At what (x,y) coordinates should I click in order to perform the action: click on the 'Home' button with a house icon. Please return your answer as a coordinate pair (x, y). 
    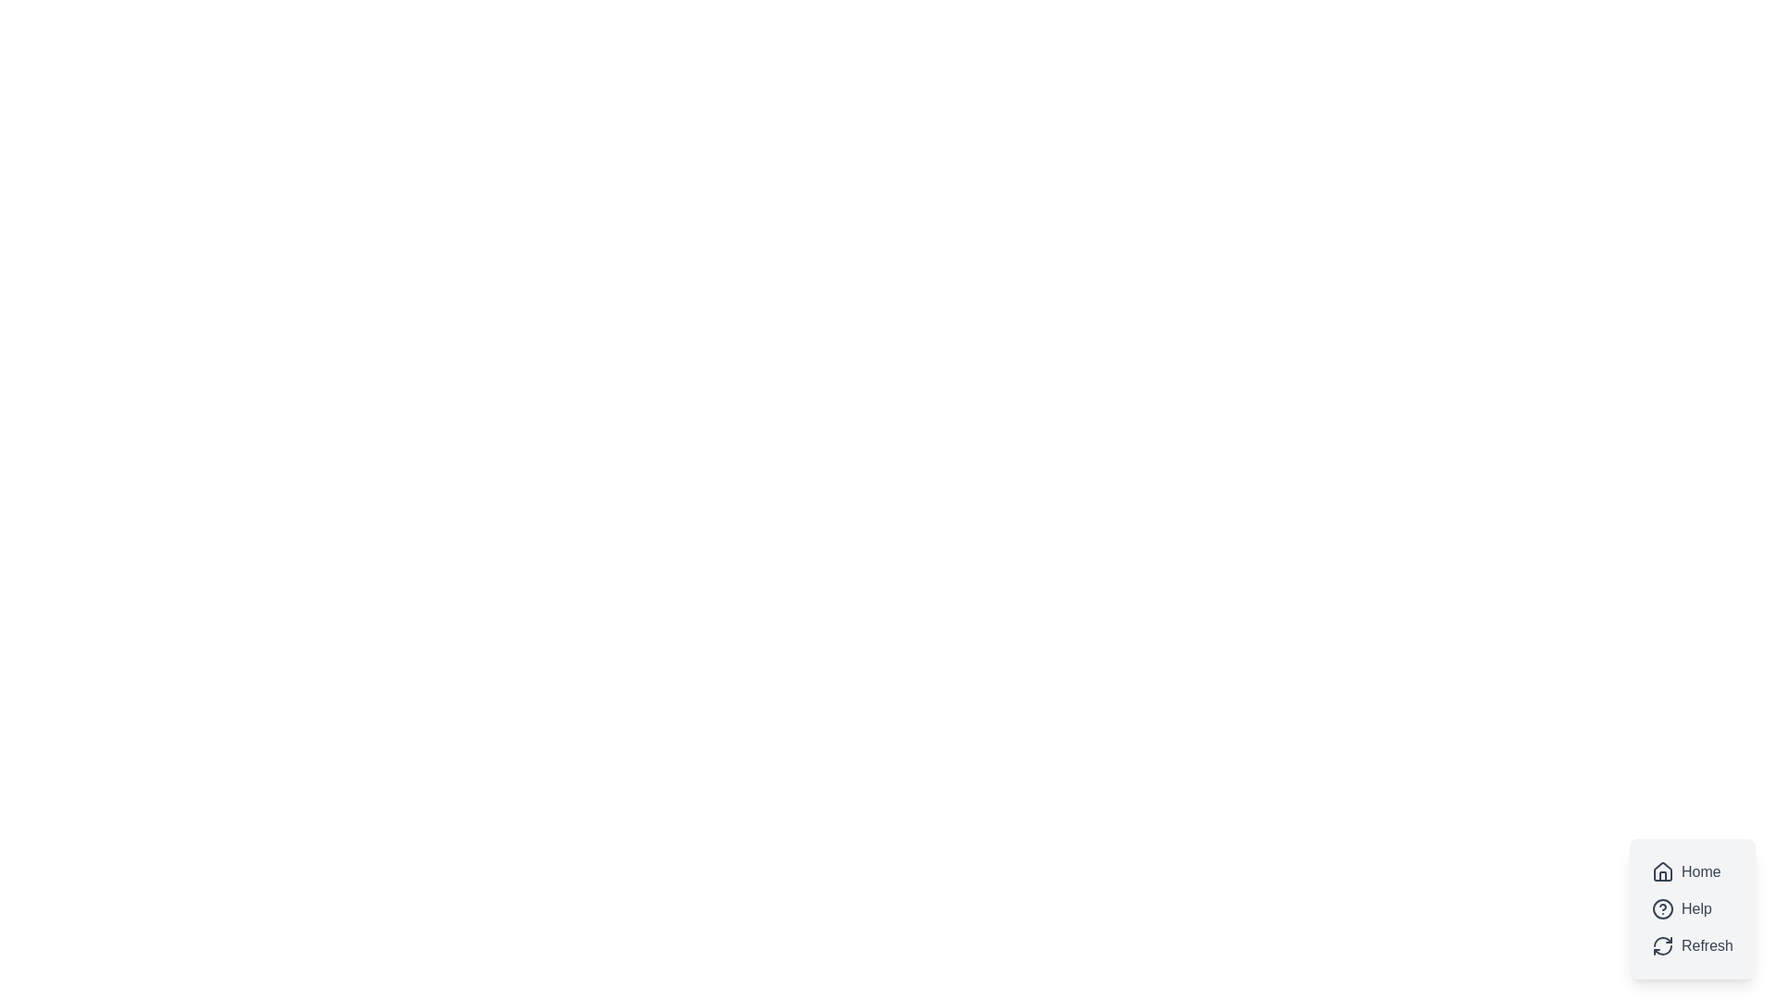
    Looking at the image, I should click on (1686, 872).